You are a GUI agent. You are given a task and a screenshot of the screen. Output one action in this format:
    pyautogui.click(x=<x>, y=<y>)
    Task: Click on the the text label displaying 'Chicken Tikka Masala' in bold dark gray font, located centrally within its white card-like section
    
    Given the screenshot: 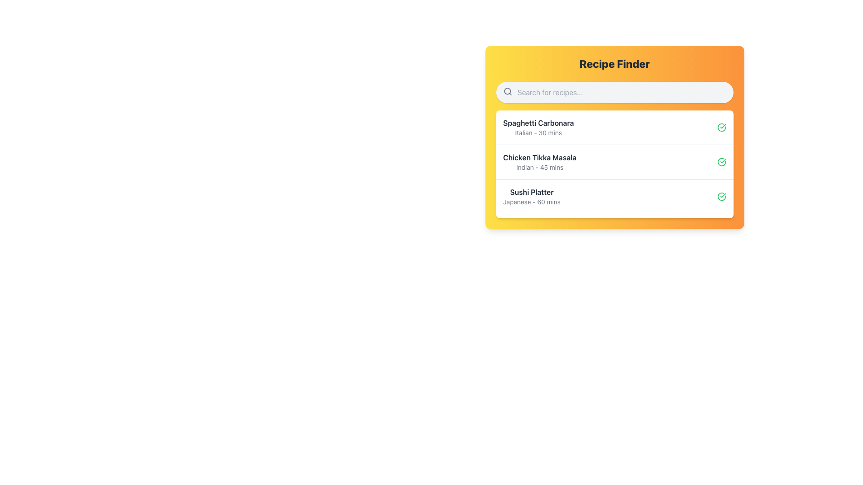 What is the action you would take?
    pyautogui.click(x=539, y=157)
    